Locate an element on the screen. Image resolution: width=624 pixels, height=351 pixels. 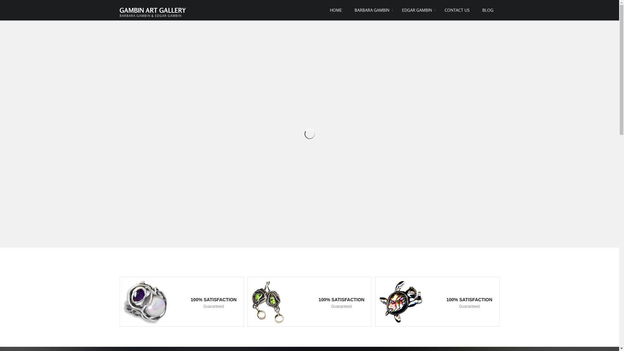
'EDGAR GAMBIN' is located at coordinates (416, 10).